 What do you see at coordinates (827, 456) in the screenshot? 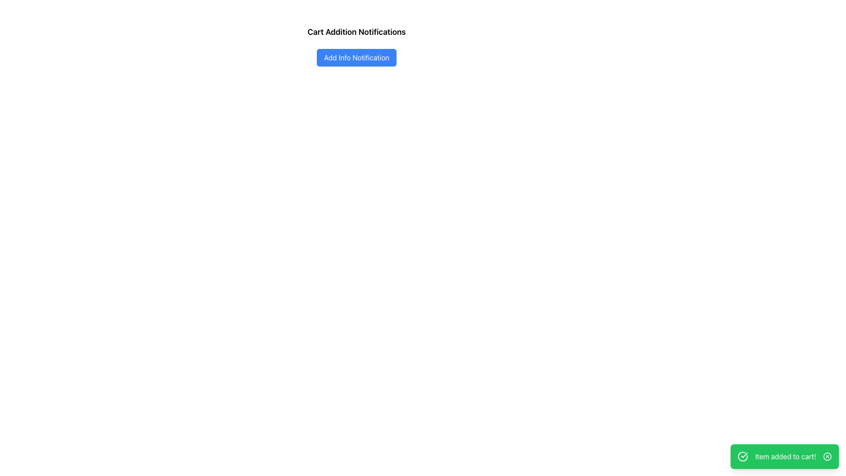
I see `the close button located at the far right end of the green notification banner` at bounding box center [827, 456].